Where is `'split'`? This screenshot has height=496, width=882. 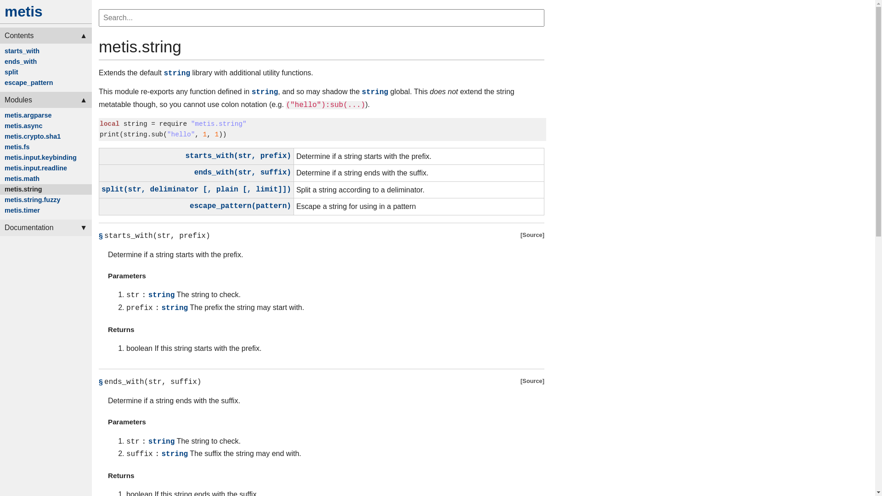 'split' is located at coordinates (45, 72).